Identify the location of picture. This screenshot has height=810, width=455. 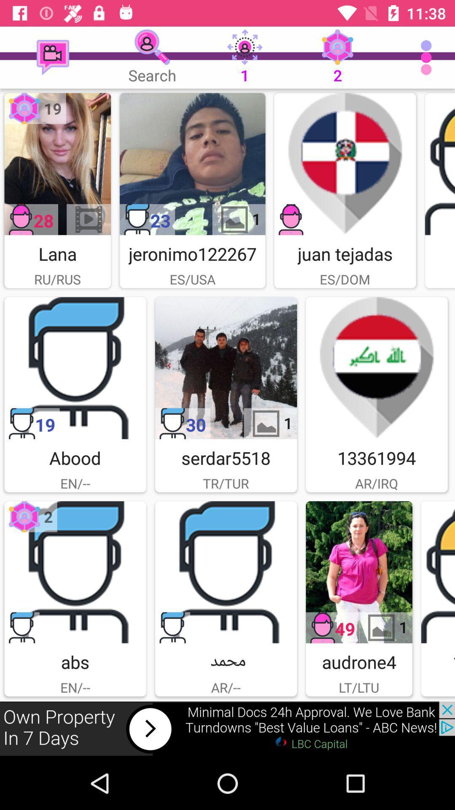
(359, 572).